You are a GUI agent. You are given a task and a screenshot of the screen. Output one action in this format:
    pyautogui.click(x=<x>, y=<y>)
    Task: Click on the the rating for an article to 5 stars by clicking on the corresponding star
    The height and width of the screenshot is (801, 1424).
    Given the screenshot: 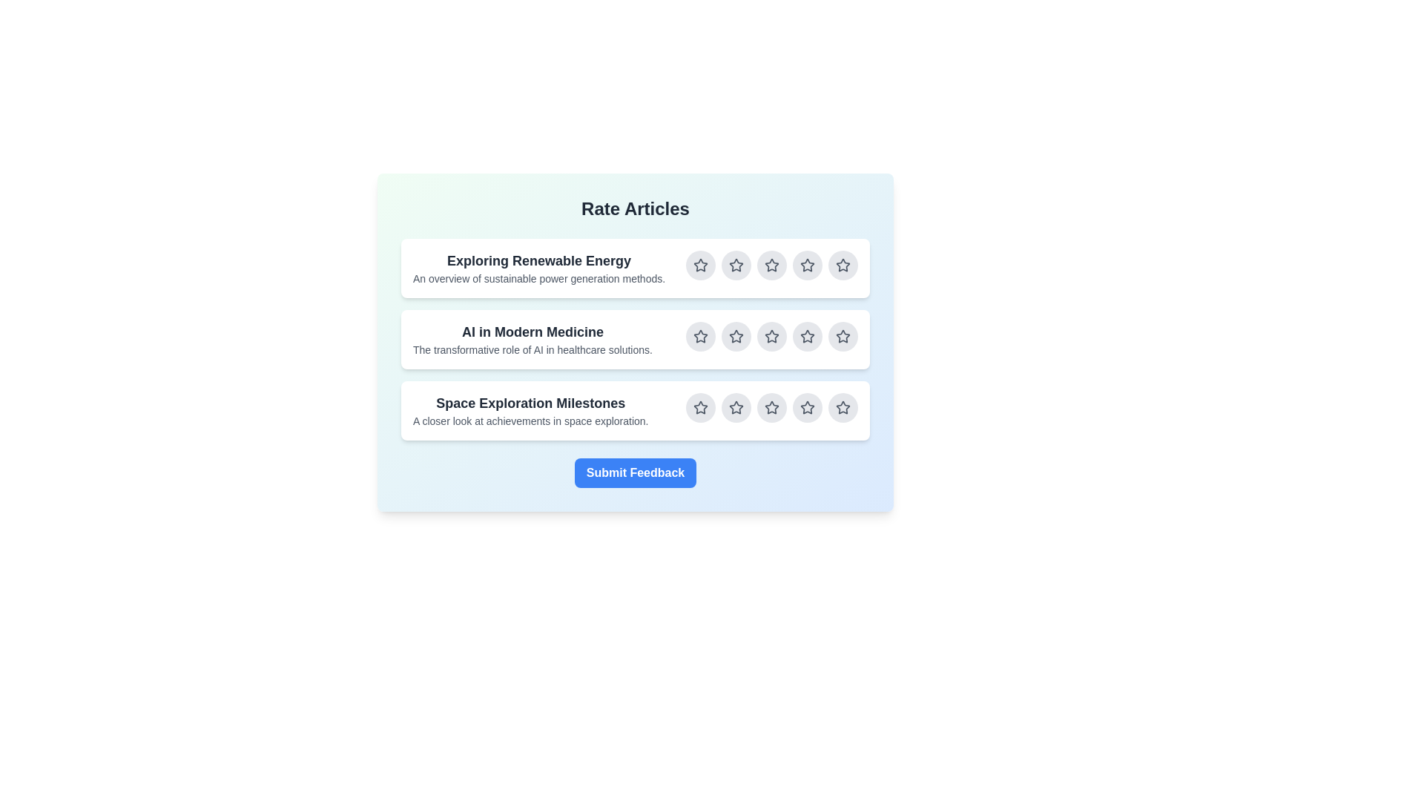 What is the action you would take?
    pyautogui.click(x=843, y=265)
    